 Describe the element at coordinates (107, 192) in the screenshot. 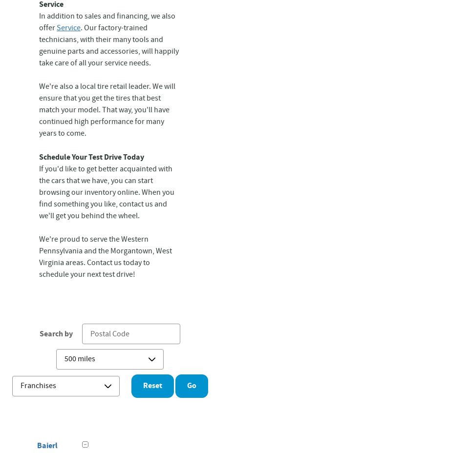

I see `'If you'd like to get better acquainted with the cars that we have, you can start browsing our inventory online. When you find something you like, contact us and we'll get you behind the wheel.'` at that location.